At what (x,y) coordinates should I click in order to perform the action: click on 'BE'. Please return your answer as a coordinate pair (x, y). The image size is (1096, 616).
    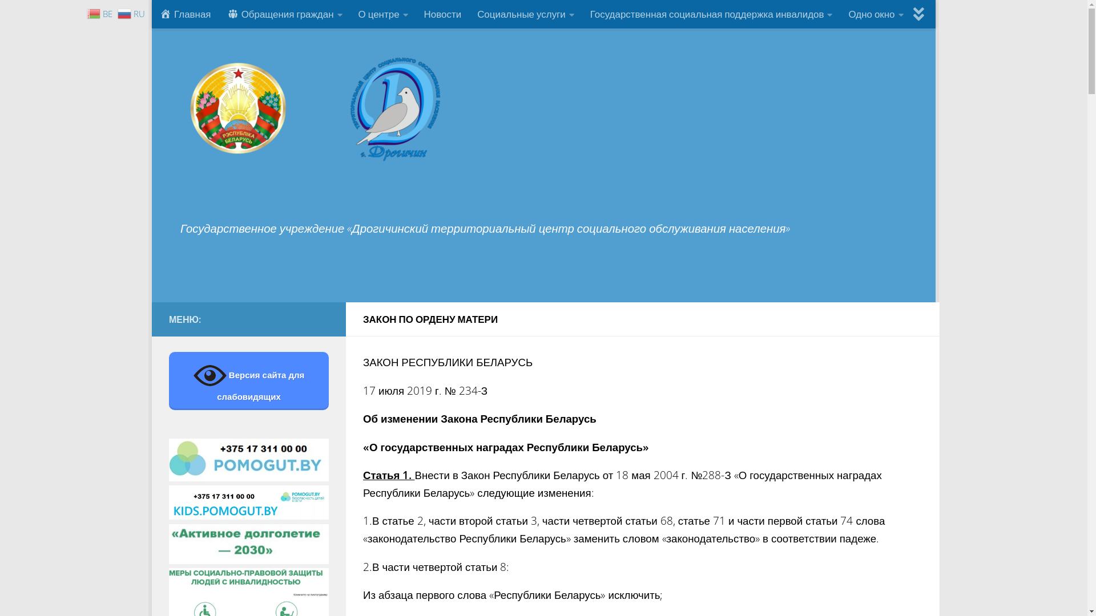
    Looking at the image, I should click on (101, 13).